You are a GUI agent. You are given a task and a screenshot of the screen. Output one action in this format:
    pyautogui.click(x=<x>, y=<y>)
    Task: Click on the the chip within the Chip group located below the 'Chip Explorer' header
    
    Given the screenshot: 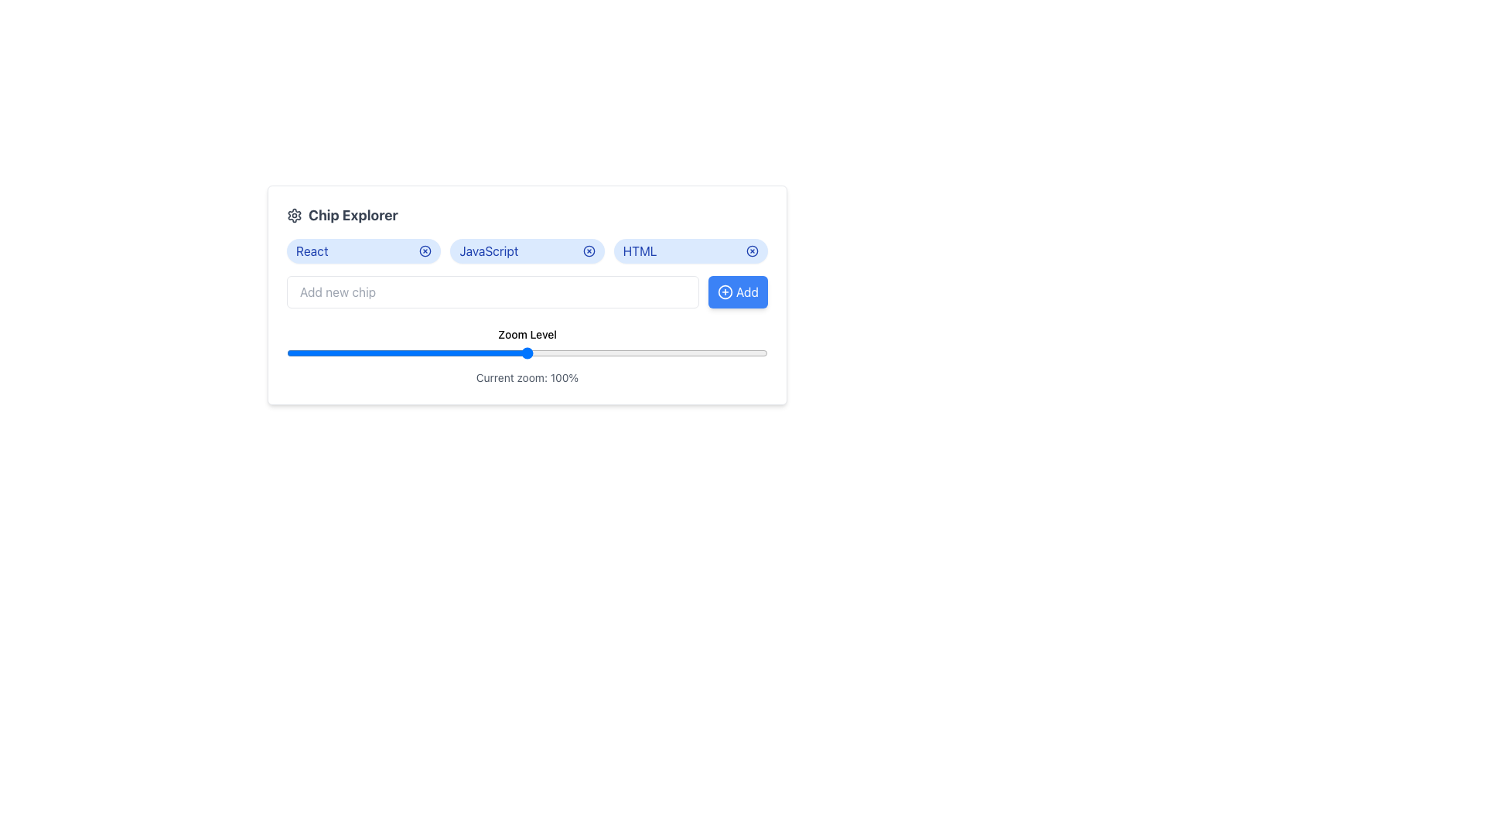 What is the action you would take?
    pyautogui.click(x=527, y=250)
    